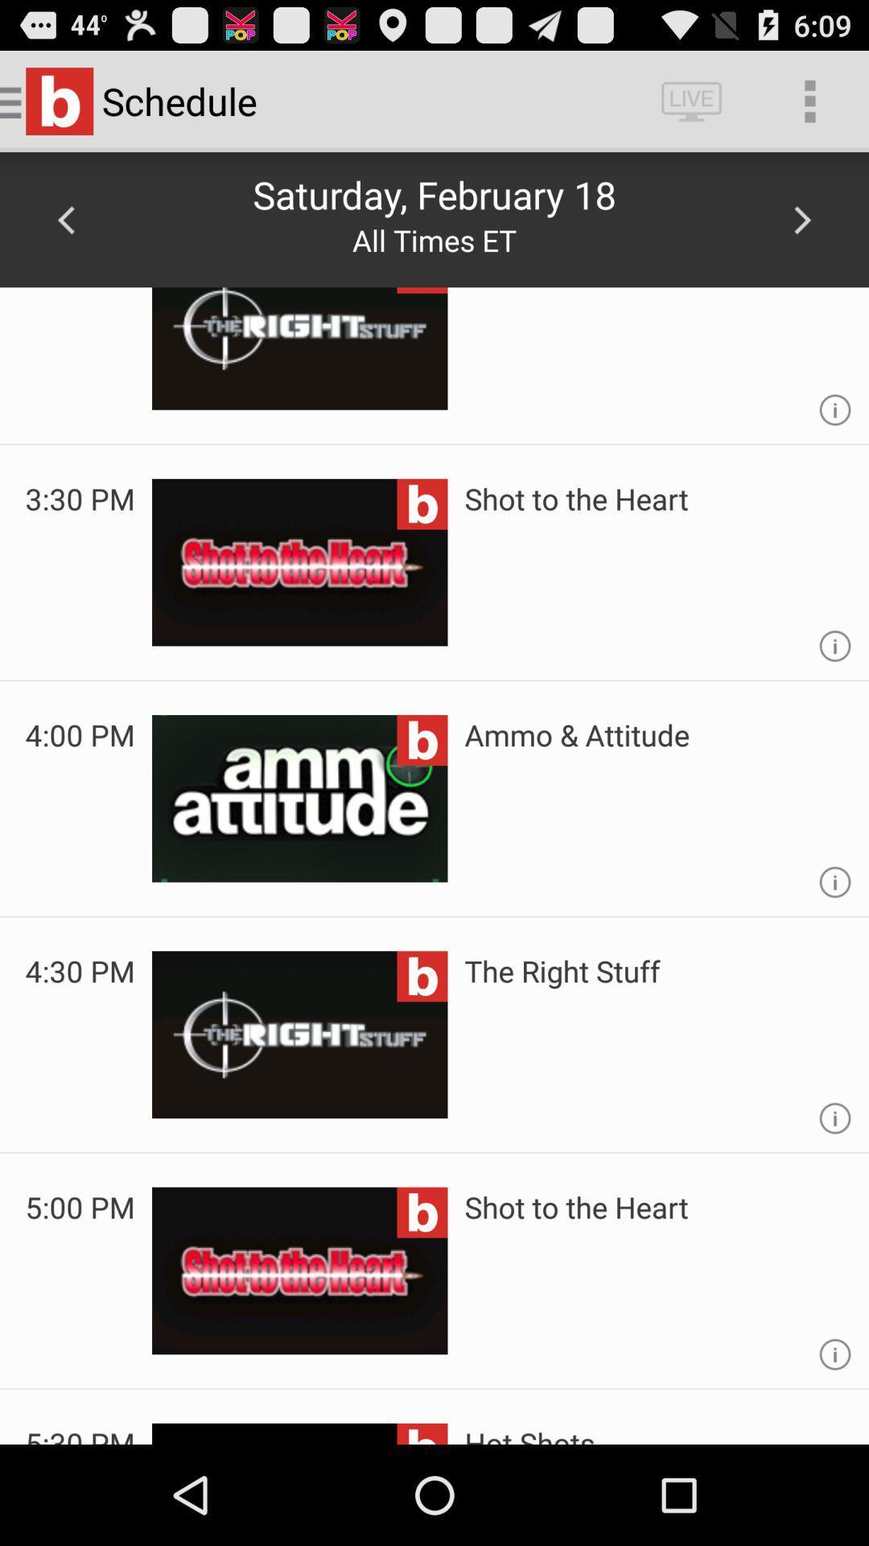  What do you see at coordinates (801, 234) in the screenshot?
I see `the arrow_forward icon` at bounding box center [801, 234].